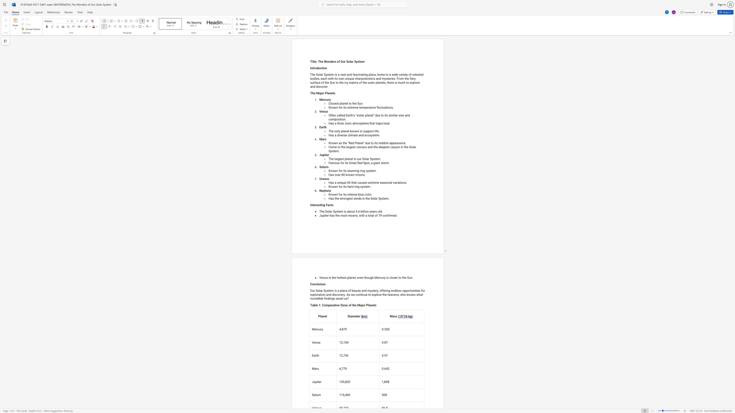 Image resolution: width=735 pixels, height=413 pixels. Describe the element at coordinates (335, 182) in the screenshot. I see `the 2th character "a" in the text` at that location.